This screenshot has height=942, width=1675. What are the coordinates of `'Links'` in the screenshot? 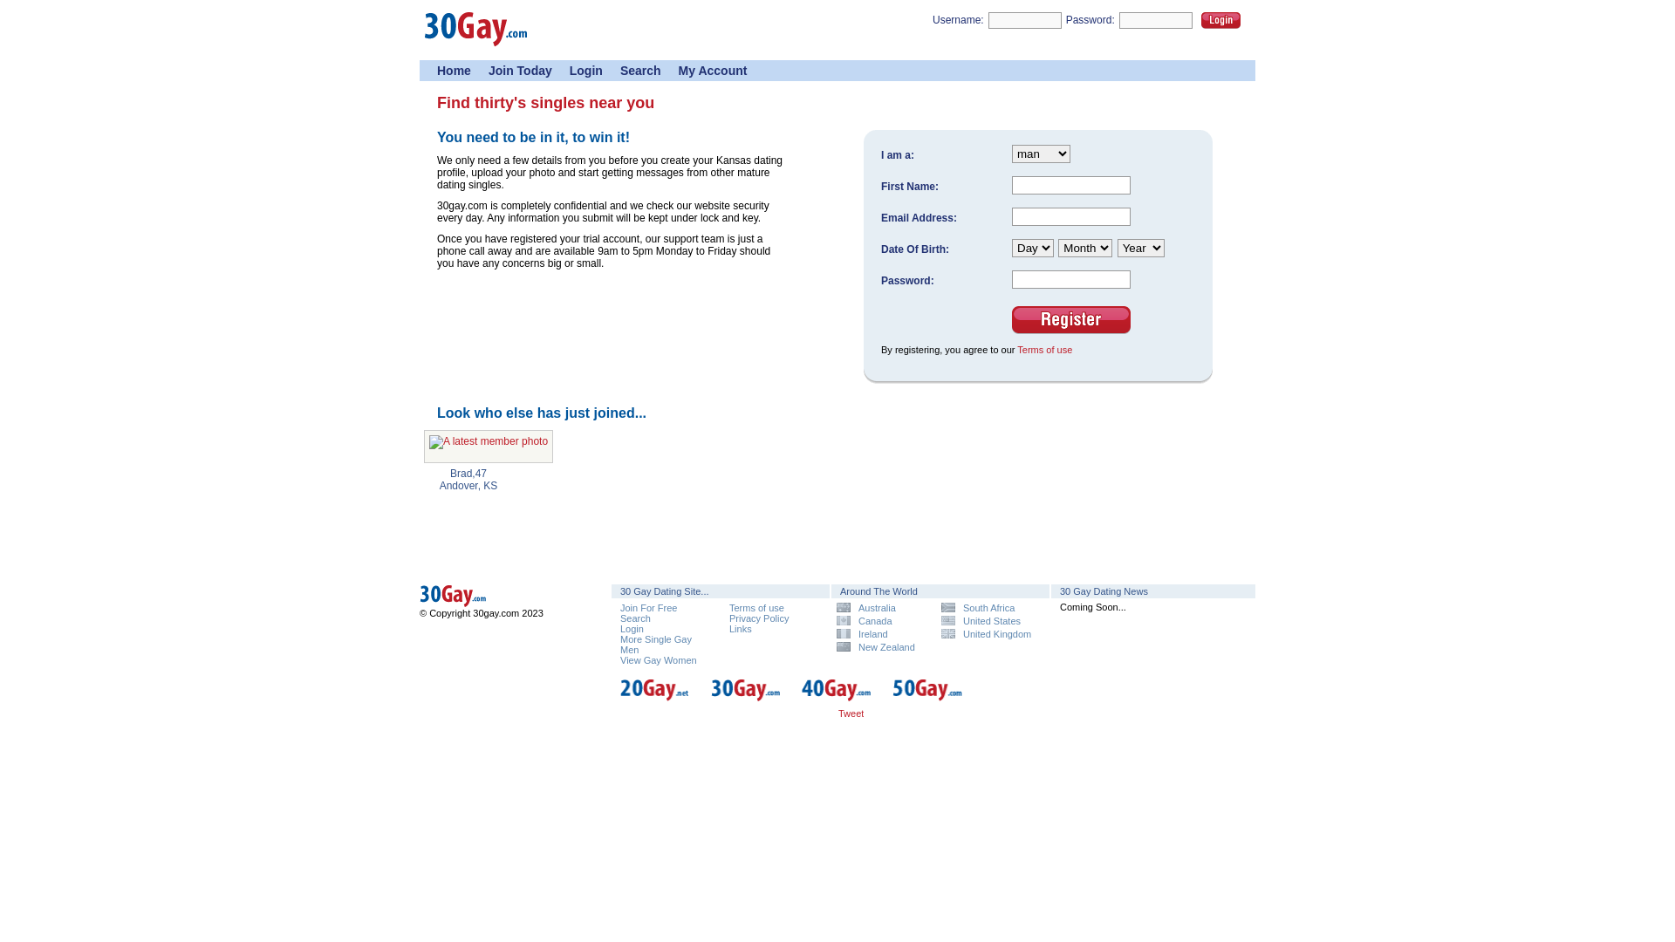 It's located at (741, 629).